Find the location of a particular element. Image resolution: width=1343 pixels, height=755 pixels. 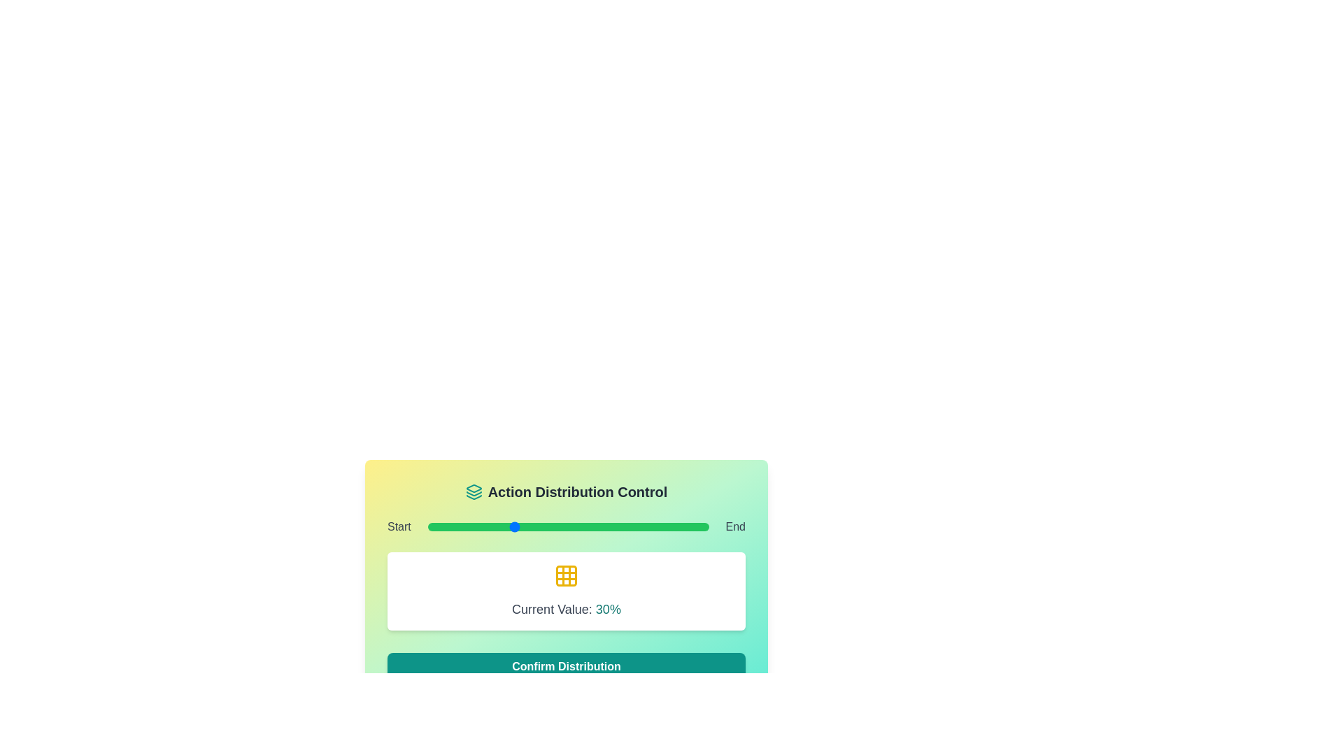

the 'Confirm Distribution' button is located at coordinates (567, 666).